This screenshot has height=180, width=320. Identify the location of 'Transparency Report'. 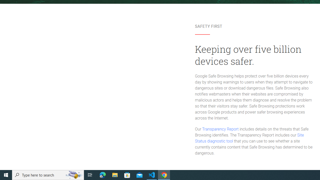
(220, 129).